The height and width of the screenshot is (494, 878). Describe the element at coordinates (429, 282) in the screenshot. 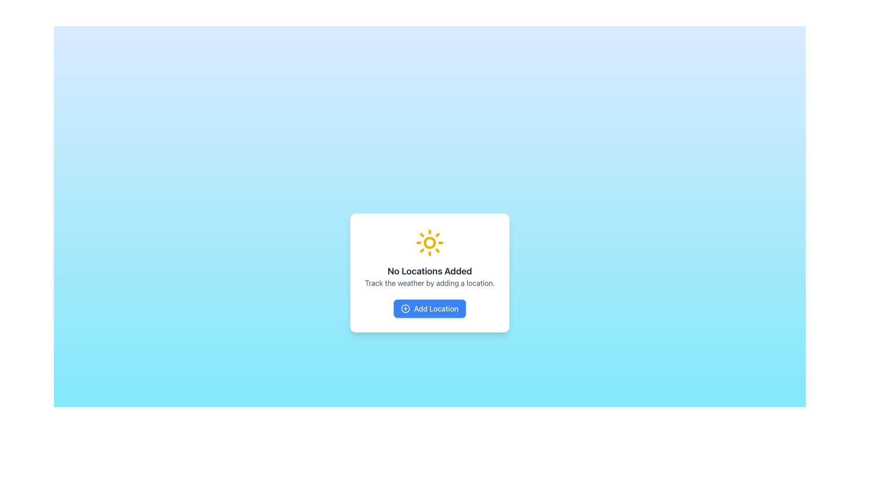

I see `the text label that says 'Track the weather by adding a location.' which is positioned at the bottom of the card interface, below the header 'No Locations Added.'` at that location.